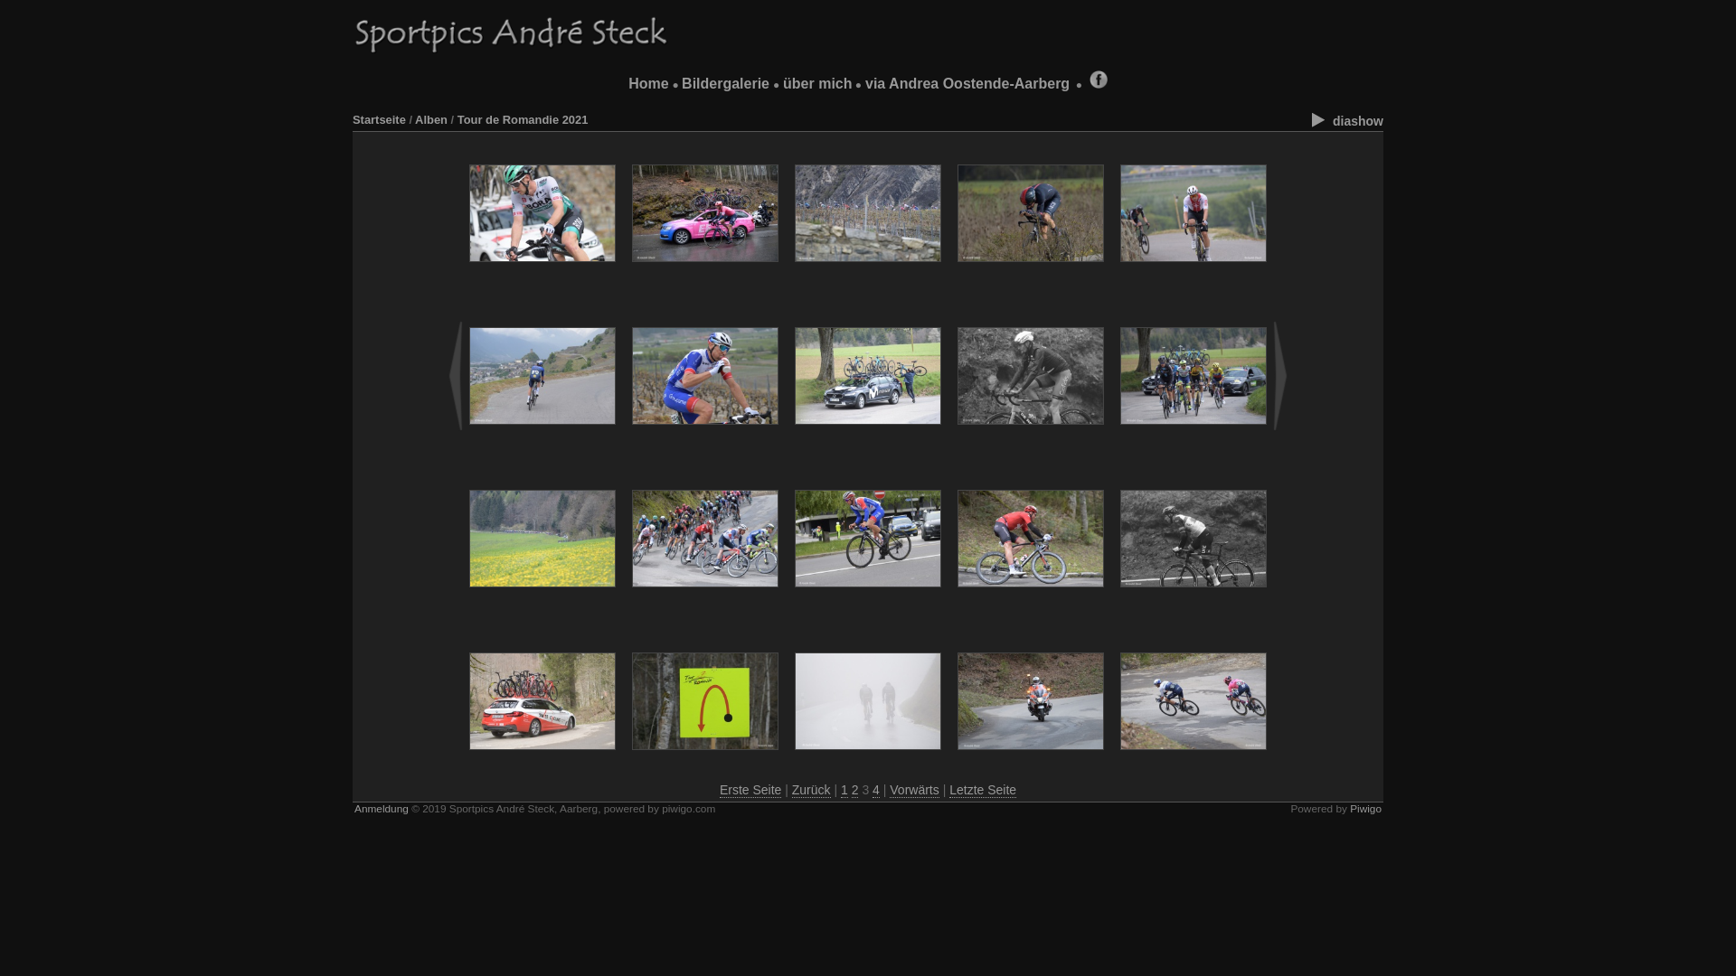 The height and width of the screenshot is (976, 1736). What do you see at coordinates (725, 83) in the screenshot?
I see `'Bildergalerie'` at bounding box center [725, 83].